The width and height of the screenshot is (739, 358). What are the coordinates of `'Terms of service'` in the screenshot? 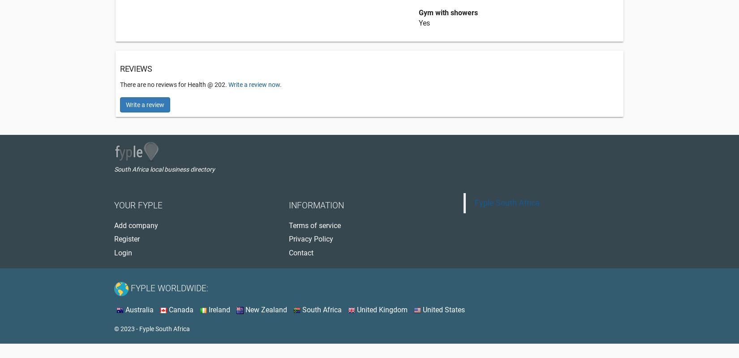 It's located at (314, 225).